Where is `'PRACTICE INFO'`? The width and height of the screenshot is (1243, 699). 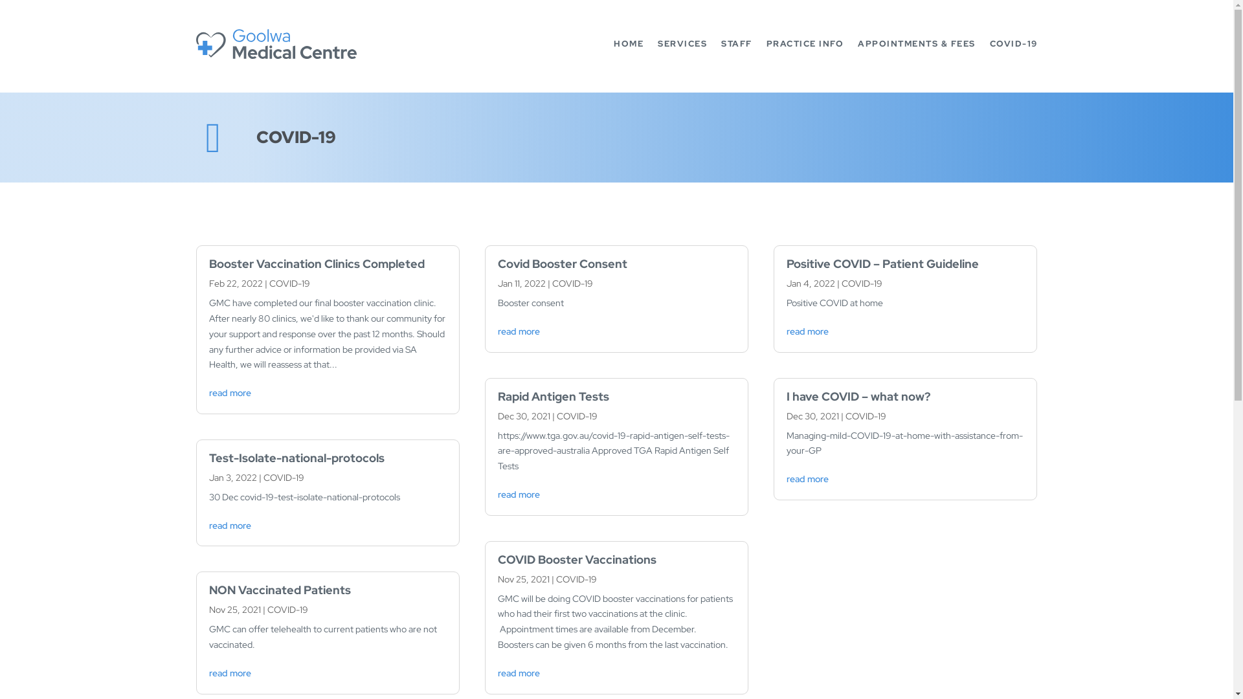
'PRACTICE INFO' is located at coordinates (804, 43).